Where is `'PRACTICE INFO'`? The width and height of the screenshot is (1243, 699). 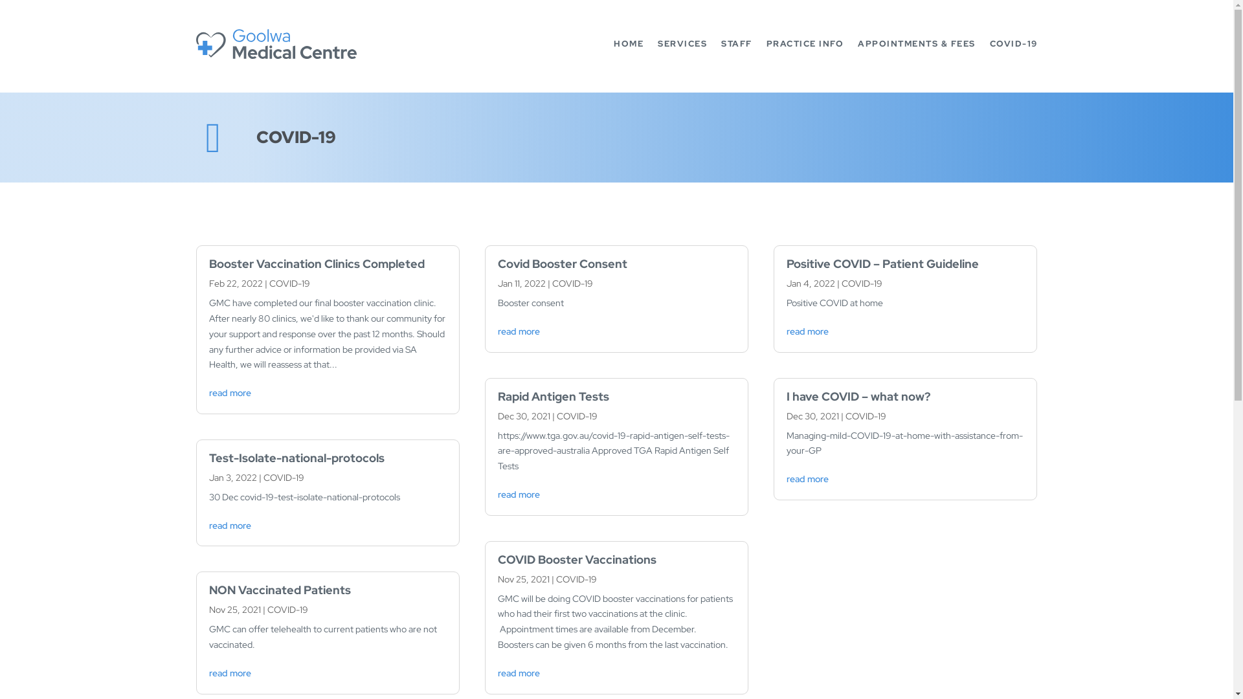
'PRACTICE INFO' is located at coordinates (804, 43).